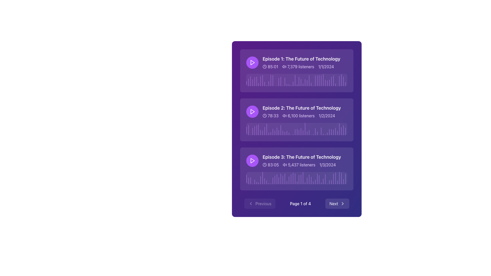  What do you see at coordinates (265, 84) in the screenshot?
I see `the 10th vertical bar of the audio waveform visualization, which is a narrow purple bar located near the bottom edge of the interface` at bounding box center [265, 84].